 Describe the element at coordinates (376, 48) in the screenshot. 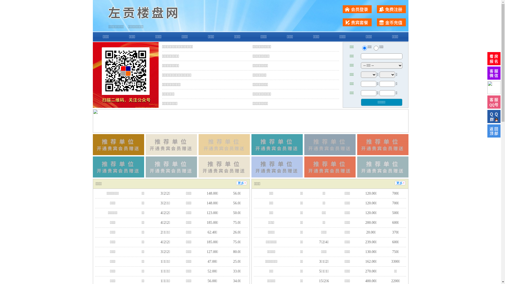

I see `'chuzu'` at that location.